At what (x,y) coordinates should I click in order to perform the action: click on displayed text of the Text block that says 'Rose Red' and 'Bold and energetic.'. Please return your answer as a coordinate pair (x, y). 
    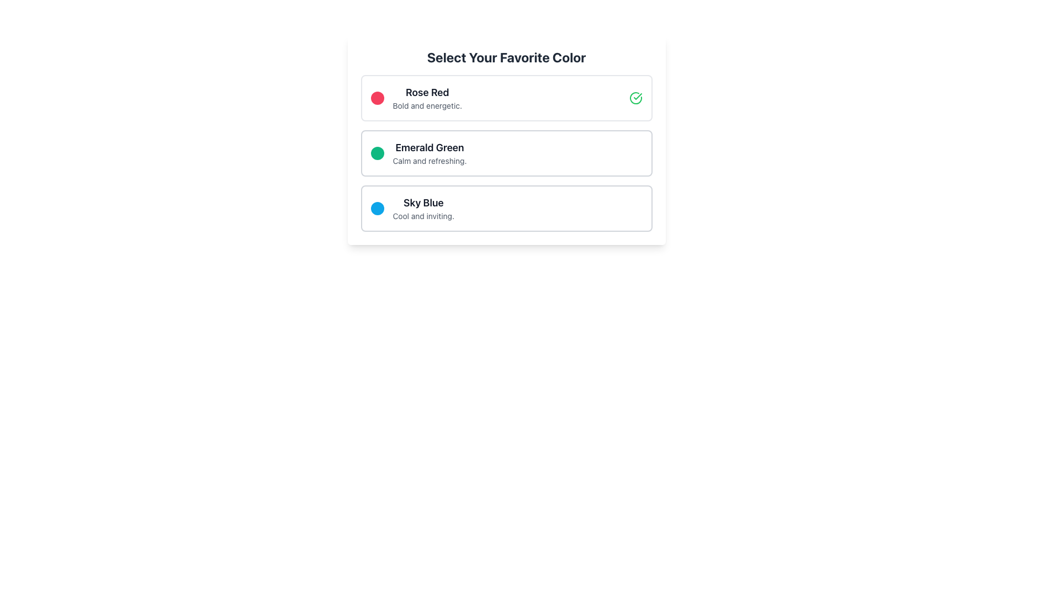
    Looking at the image, I should click on (427, 97).